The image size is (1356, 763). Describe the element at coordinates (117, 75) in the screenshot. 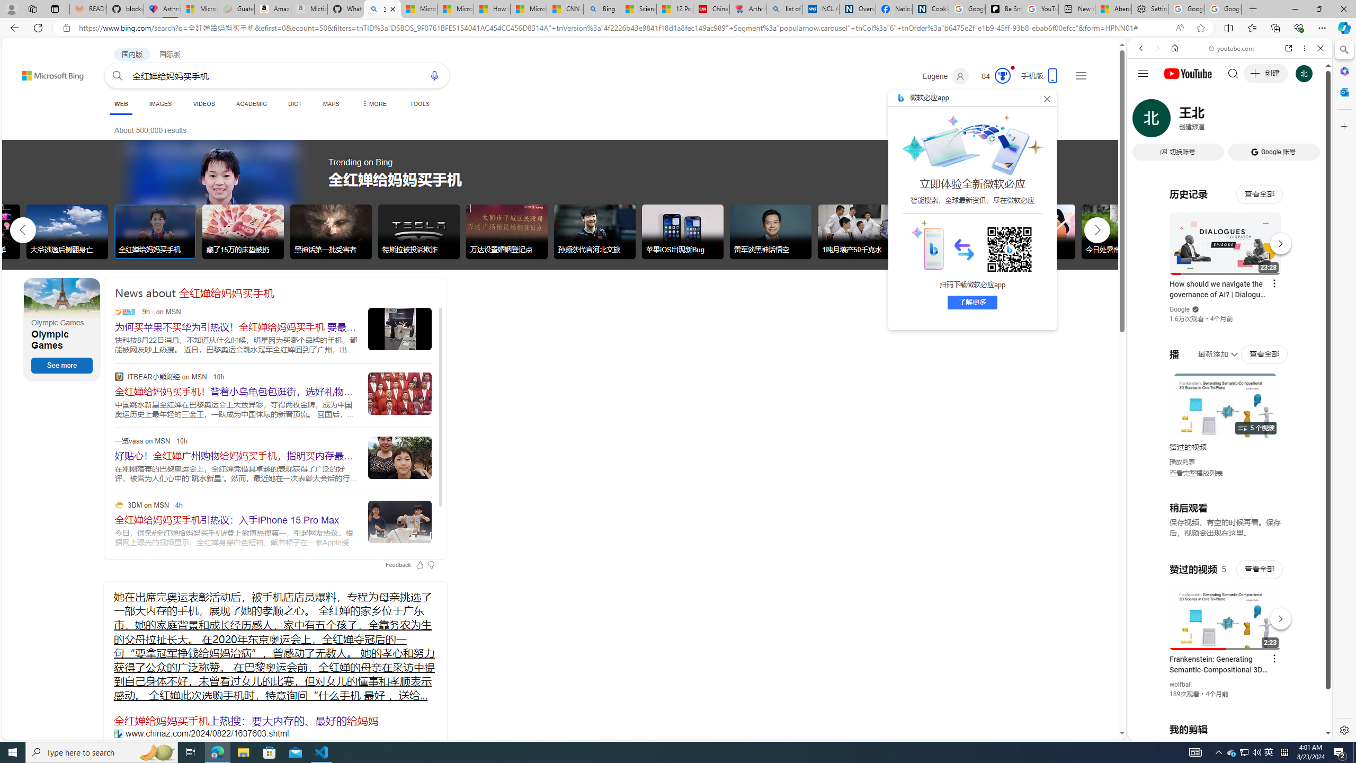

I see `'Search button'` at that location.